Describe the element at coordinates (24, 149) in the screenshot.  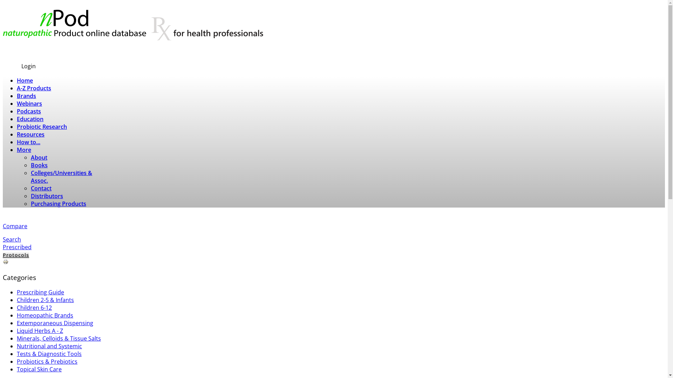
I see `'More'` at that location.